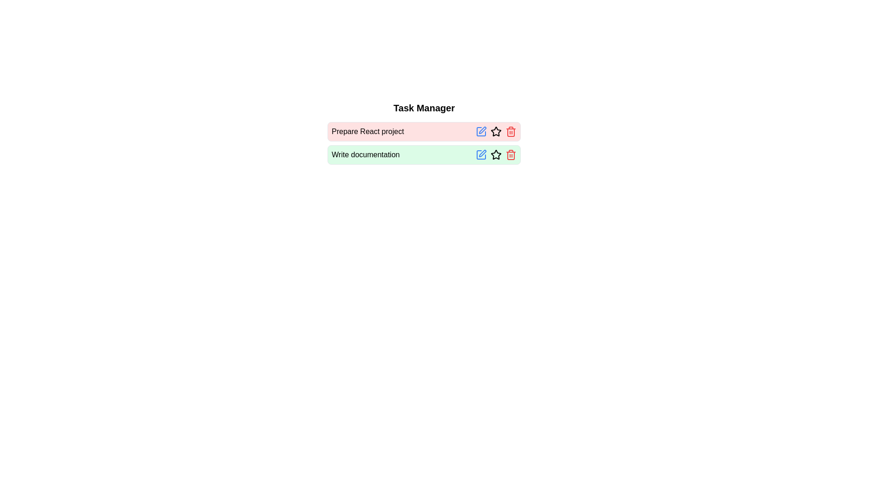 This screenshot has height=501, width=892. What do you see at coordinates (367, 132) in the screenshot?
I see `the text element containing 'Prepare React project' in bold black font on a light pink background, which is the primary content of the first task entry in the task management interface` at bounding box center [367, 132].